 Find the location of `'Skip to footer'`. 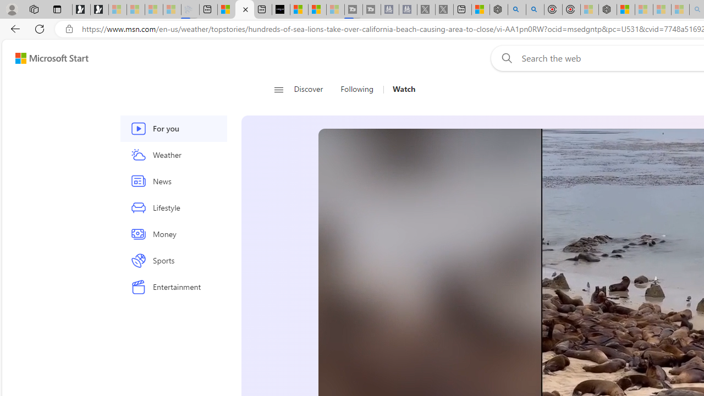

'Skip to footer' is located at coordinates (45, 58).